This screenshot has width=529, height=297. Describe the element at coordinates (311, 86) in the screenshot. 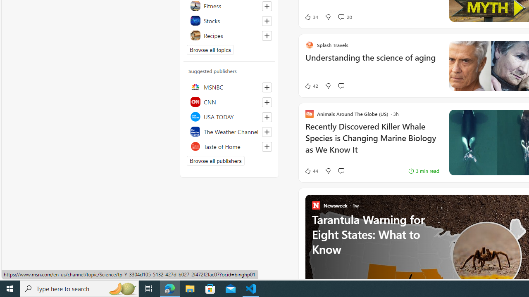

I see `'42 Like'` at that location.